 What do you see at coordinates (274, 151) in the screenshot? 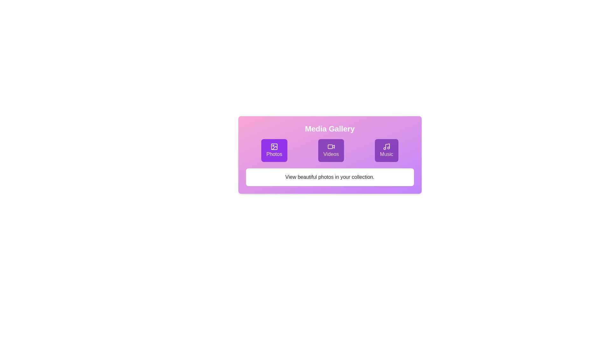
I see `the Photos tab` at bounding box center [274, 151].